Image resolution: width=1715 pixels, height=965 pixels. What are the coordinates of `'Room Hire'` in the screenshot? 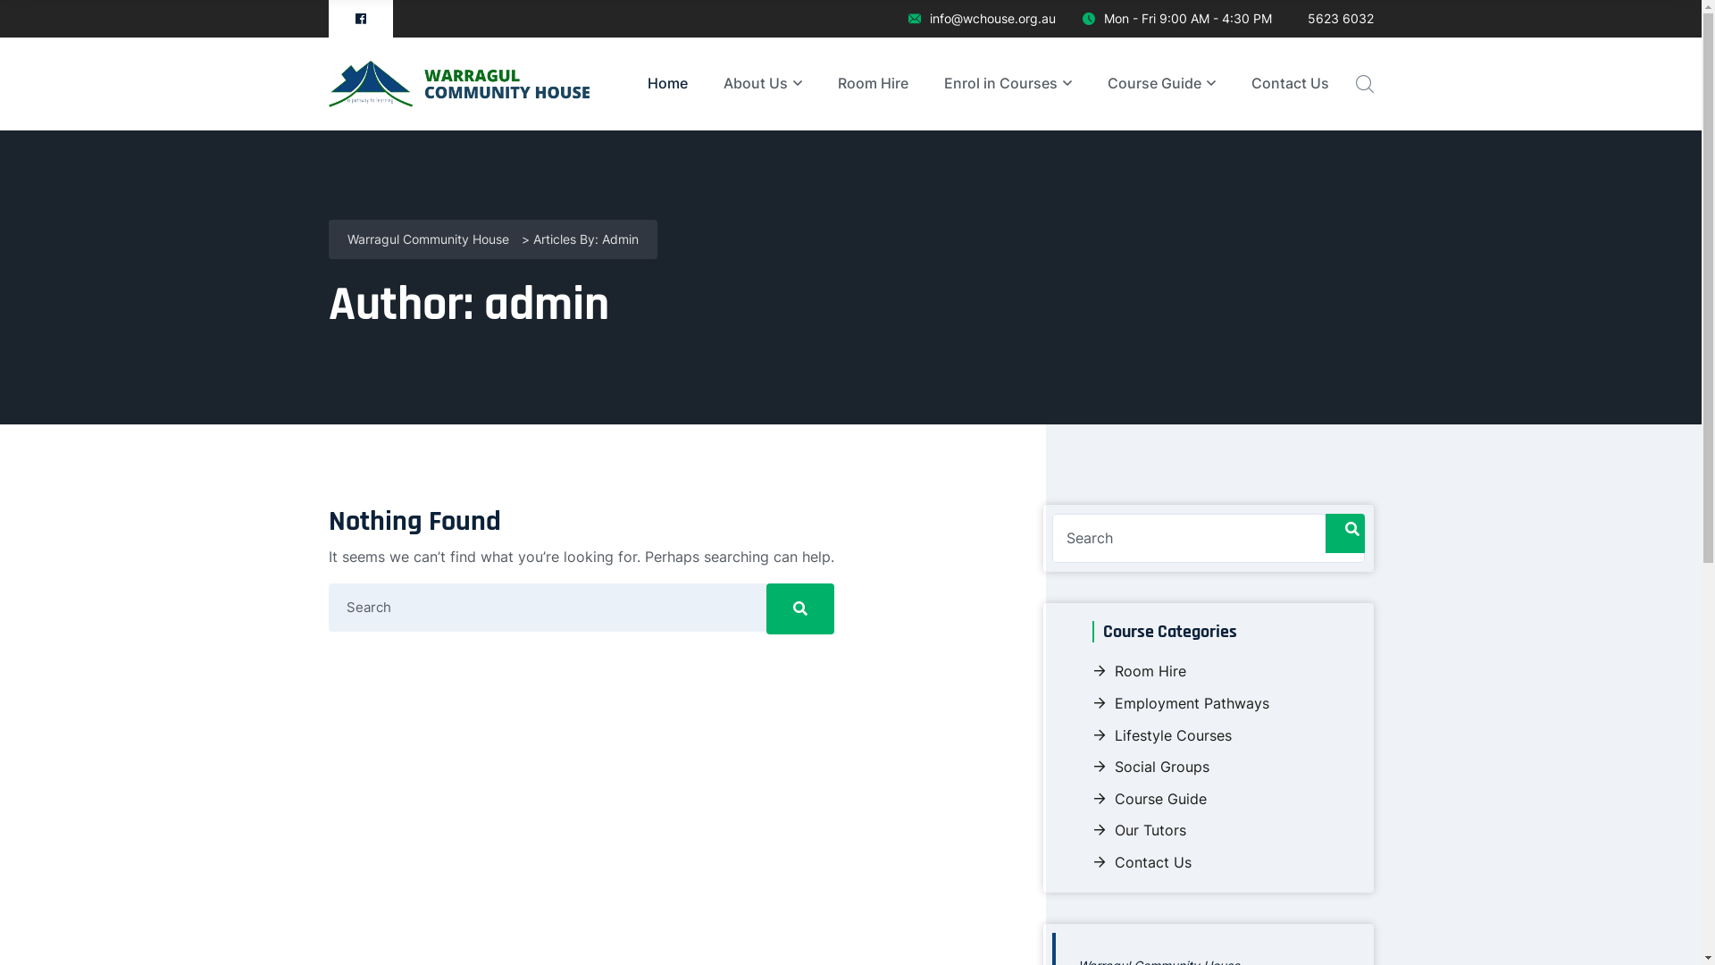 It's located at (1137, 671).